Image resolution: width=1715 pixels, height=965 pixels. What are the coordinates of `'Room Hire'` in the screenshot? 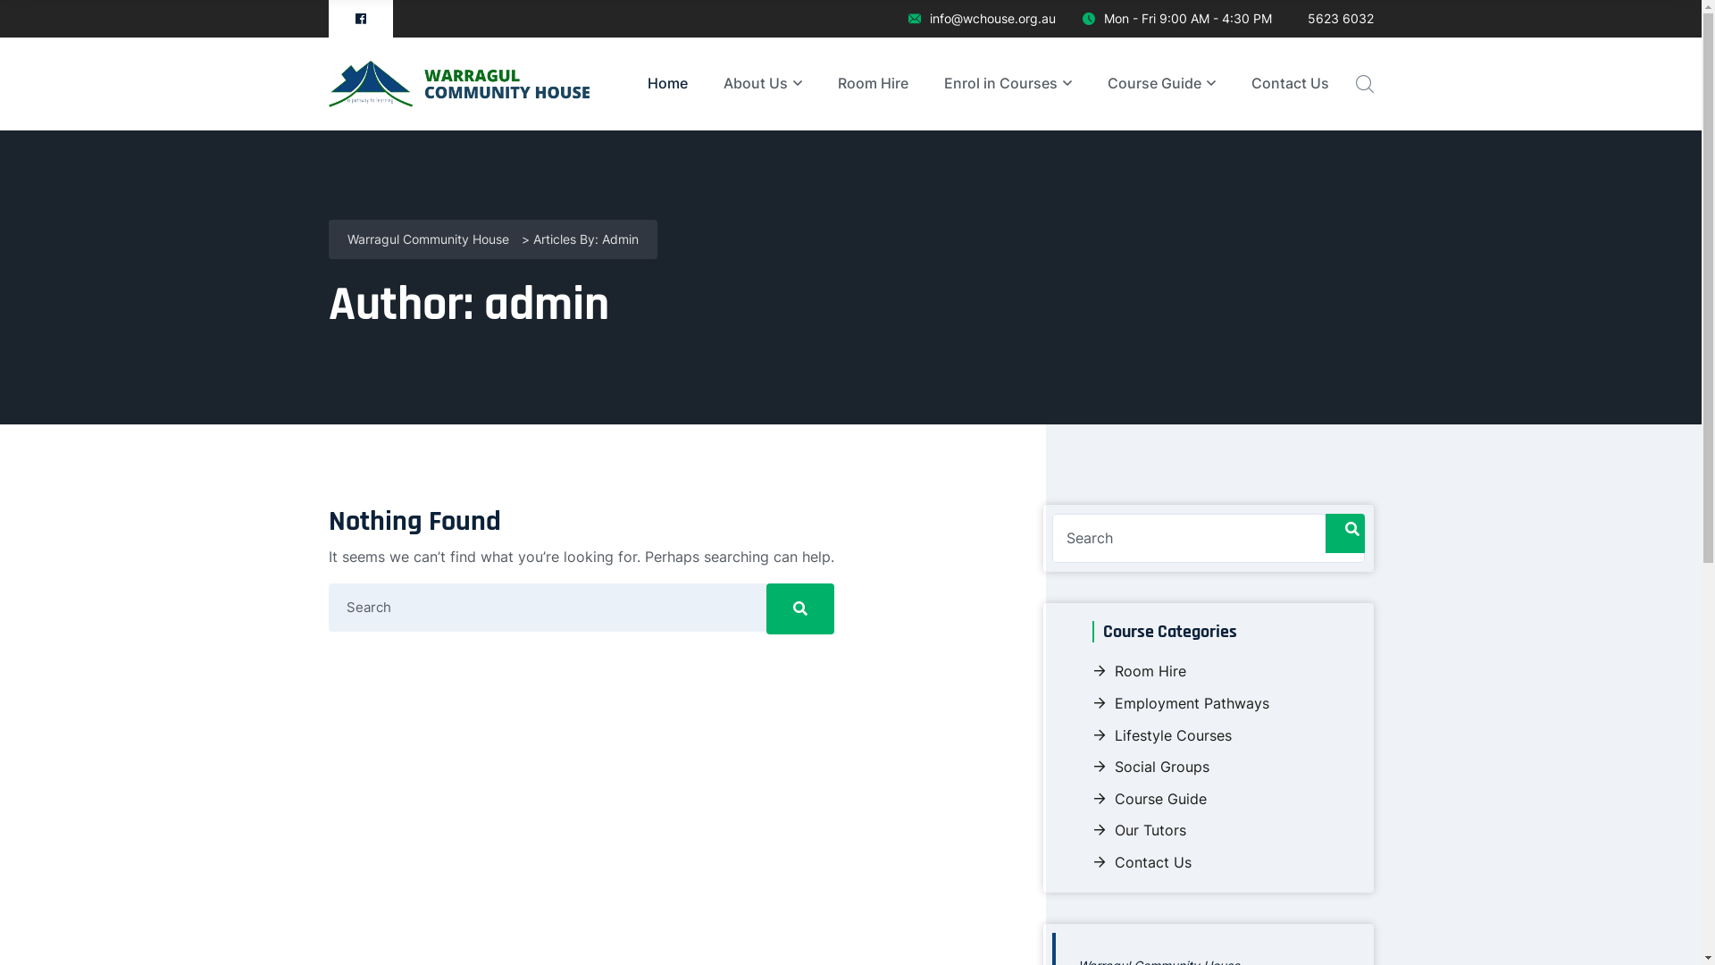 It's located at (1137, 671).